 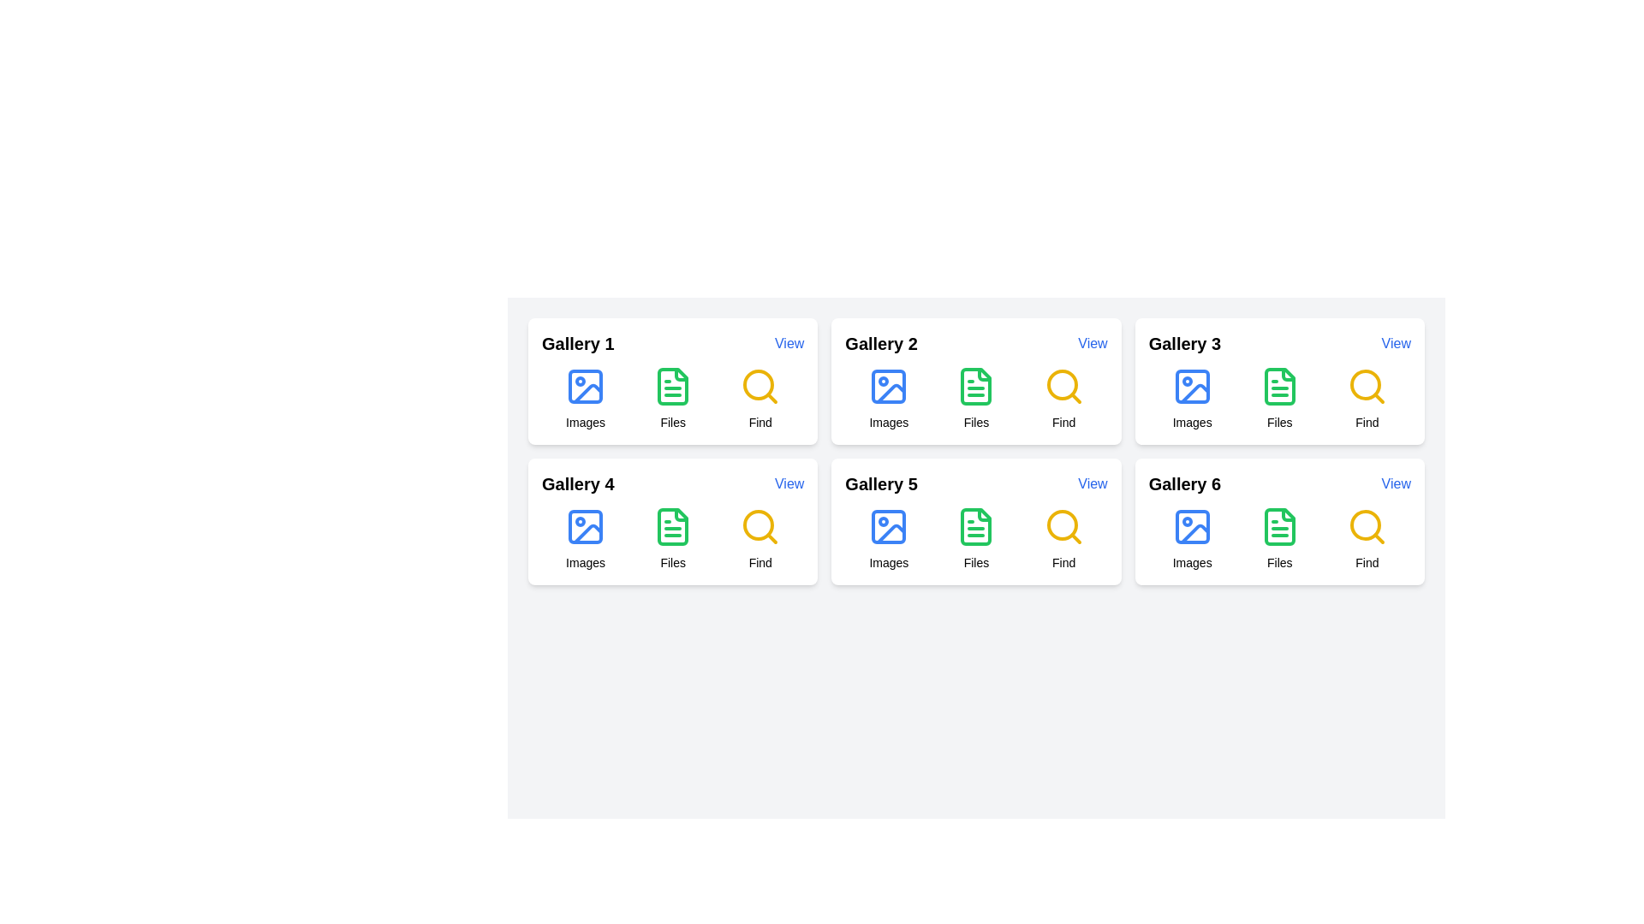 I want to click on the 'Files' selectable icon with a green document representation, so click(x=672, y=399).